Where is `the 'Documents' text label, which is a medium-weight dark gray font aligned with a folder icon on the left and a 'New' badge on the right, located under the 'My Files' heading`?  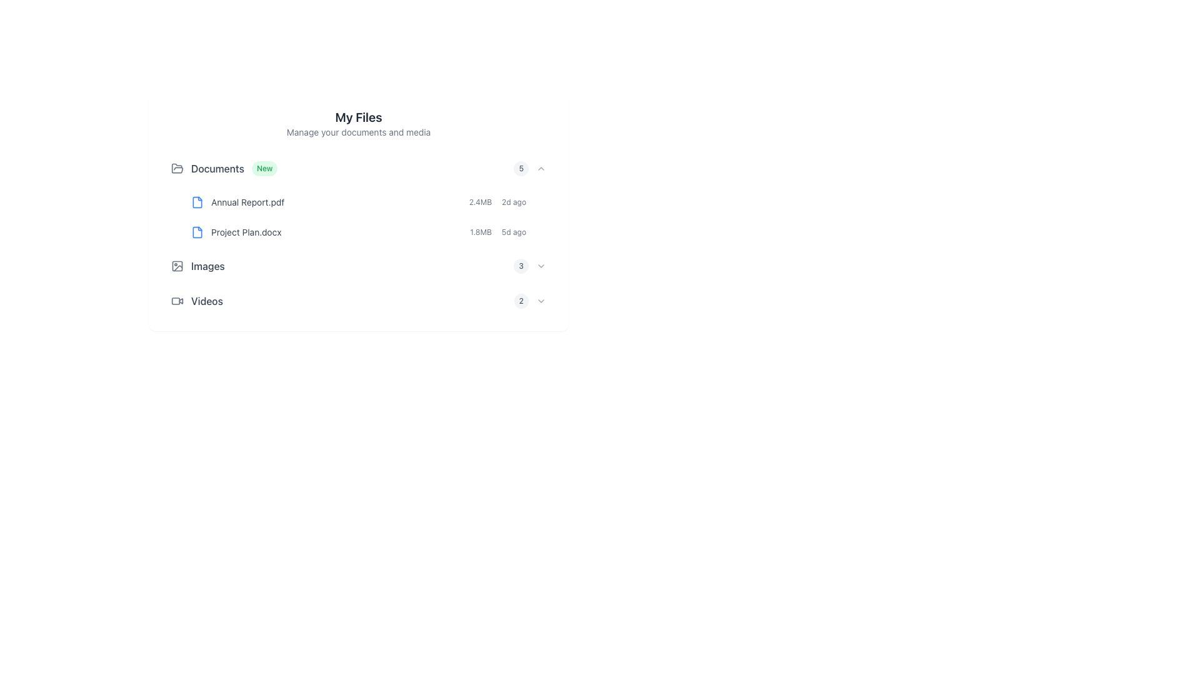 the 'Documents' text label, which is a medium-weight dark gray font aligned with a folder icon on the left and a 'New' badge on the right, located under the 'My Files' heading is located at coordinates (217, 169).